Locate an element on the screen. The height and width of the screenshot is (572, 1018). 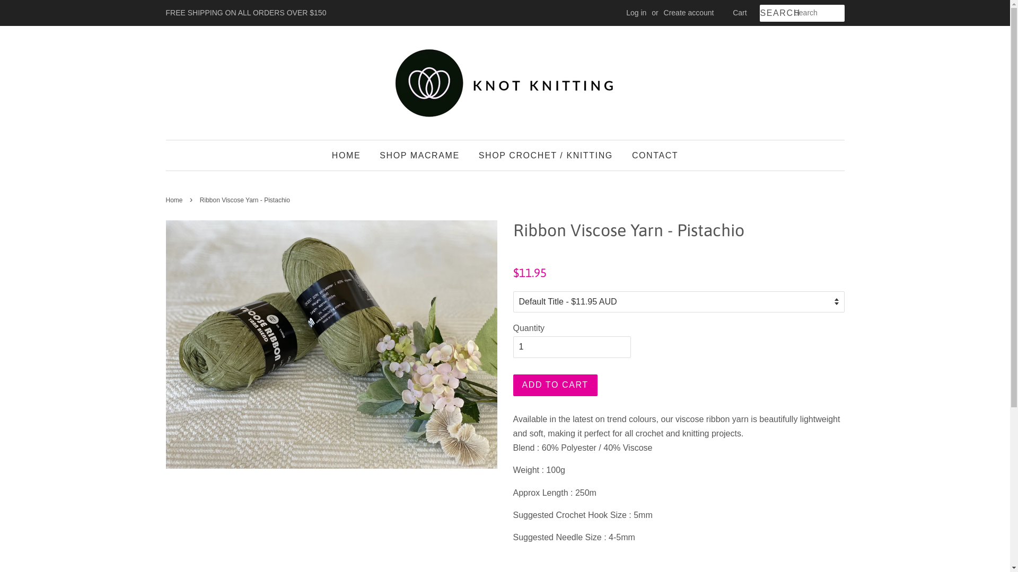
'Log in' is located at coordinates (626, 12).